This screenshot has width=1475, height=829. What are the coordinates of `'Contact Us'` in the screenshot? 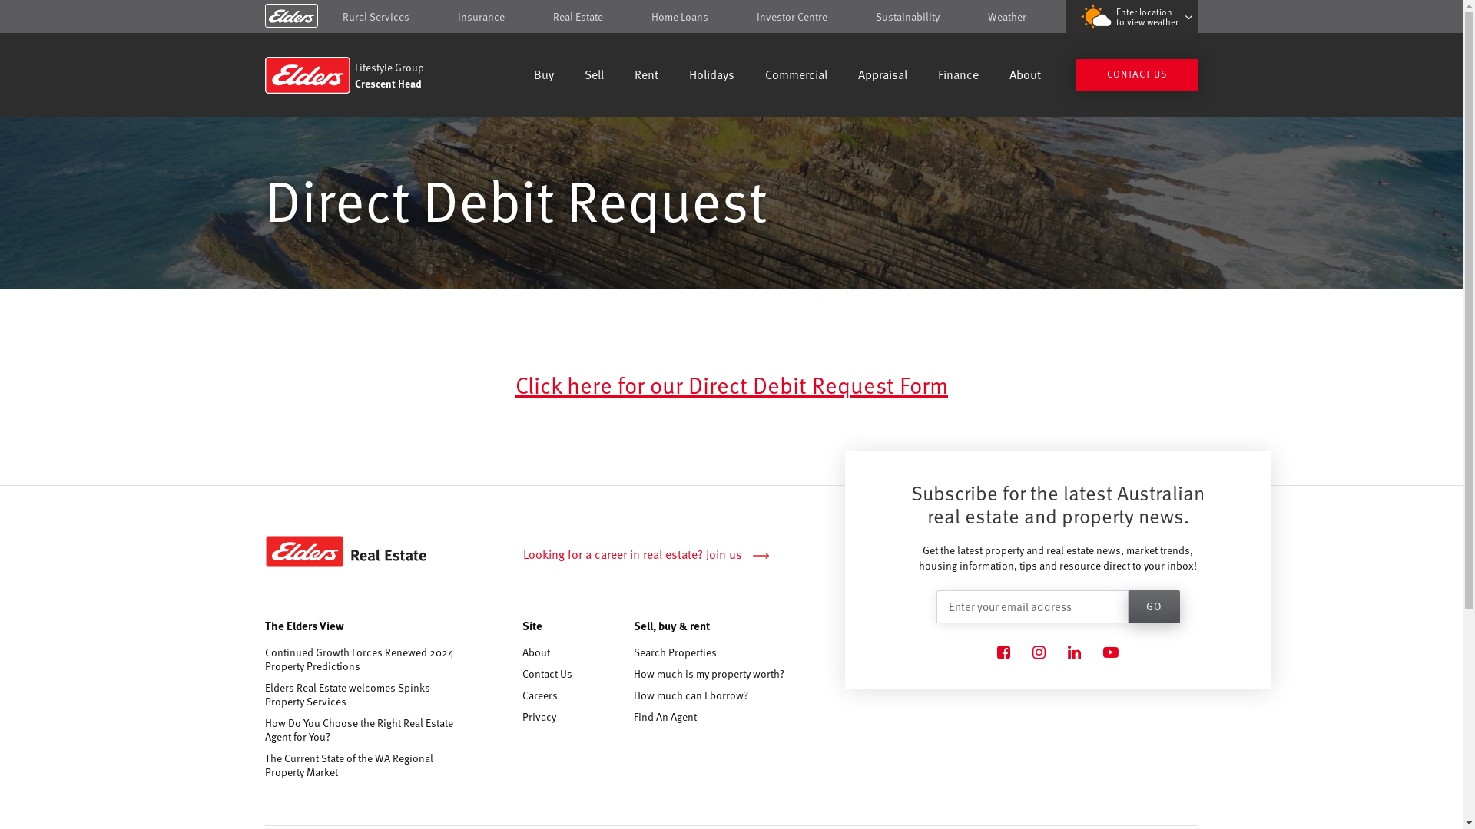 It's located at (547, 672).